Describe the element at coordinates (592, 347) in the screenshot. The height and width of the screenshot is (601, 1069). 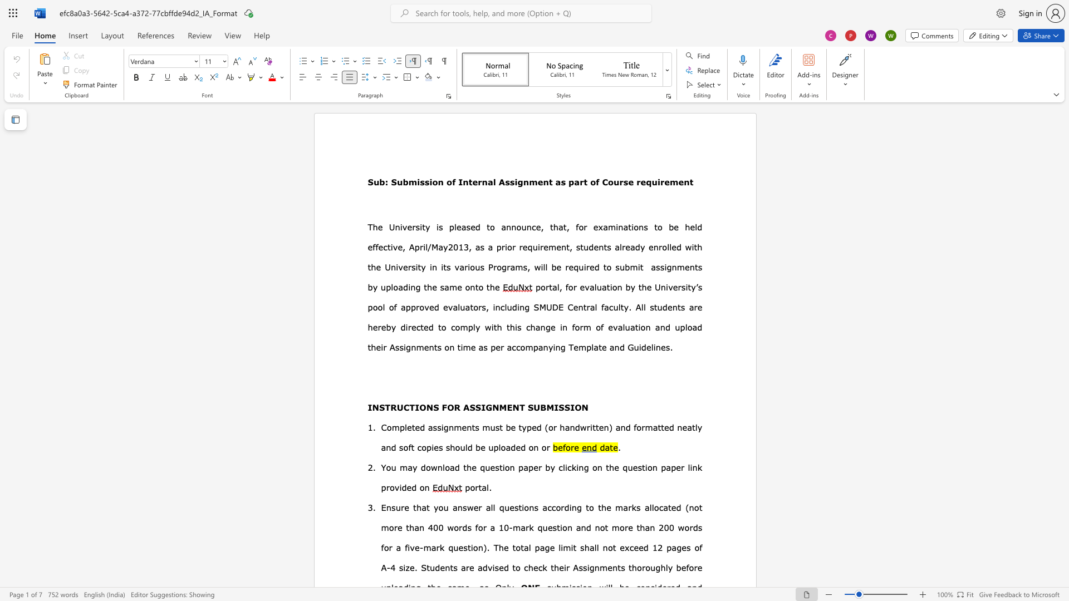
I see `the 1th character "l" in the text` at that location.